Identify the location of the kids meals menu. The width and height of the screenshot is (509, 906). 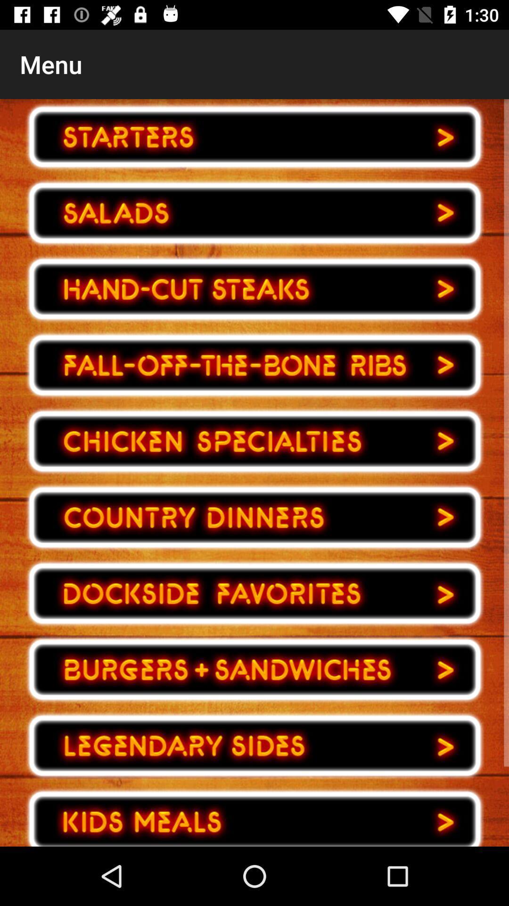
(254, 814).